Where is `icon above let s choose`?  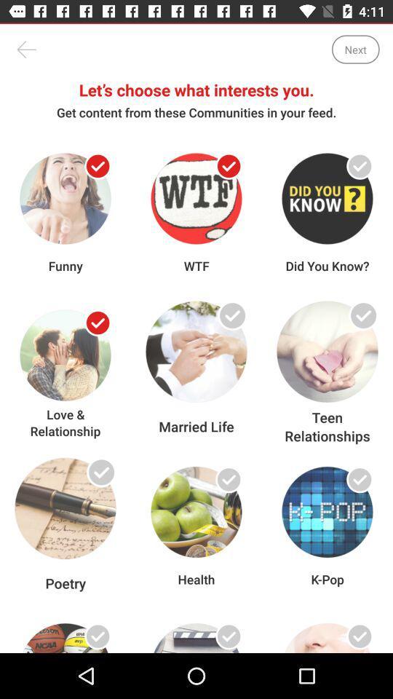 icon above let s choose is located at coordinates (26, 50).